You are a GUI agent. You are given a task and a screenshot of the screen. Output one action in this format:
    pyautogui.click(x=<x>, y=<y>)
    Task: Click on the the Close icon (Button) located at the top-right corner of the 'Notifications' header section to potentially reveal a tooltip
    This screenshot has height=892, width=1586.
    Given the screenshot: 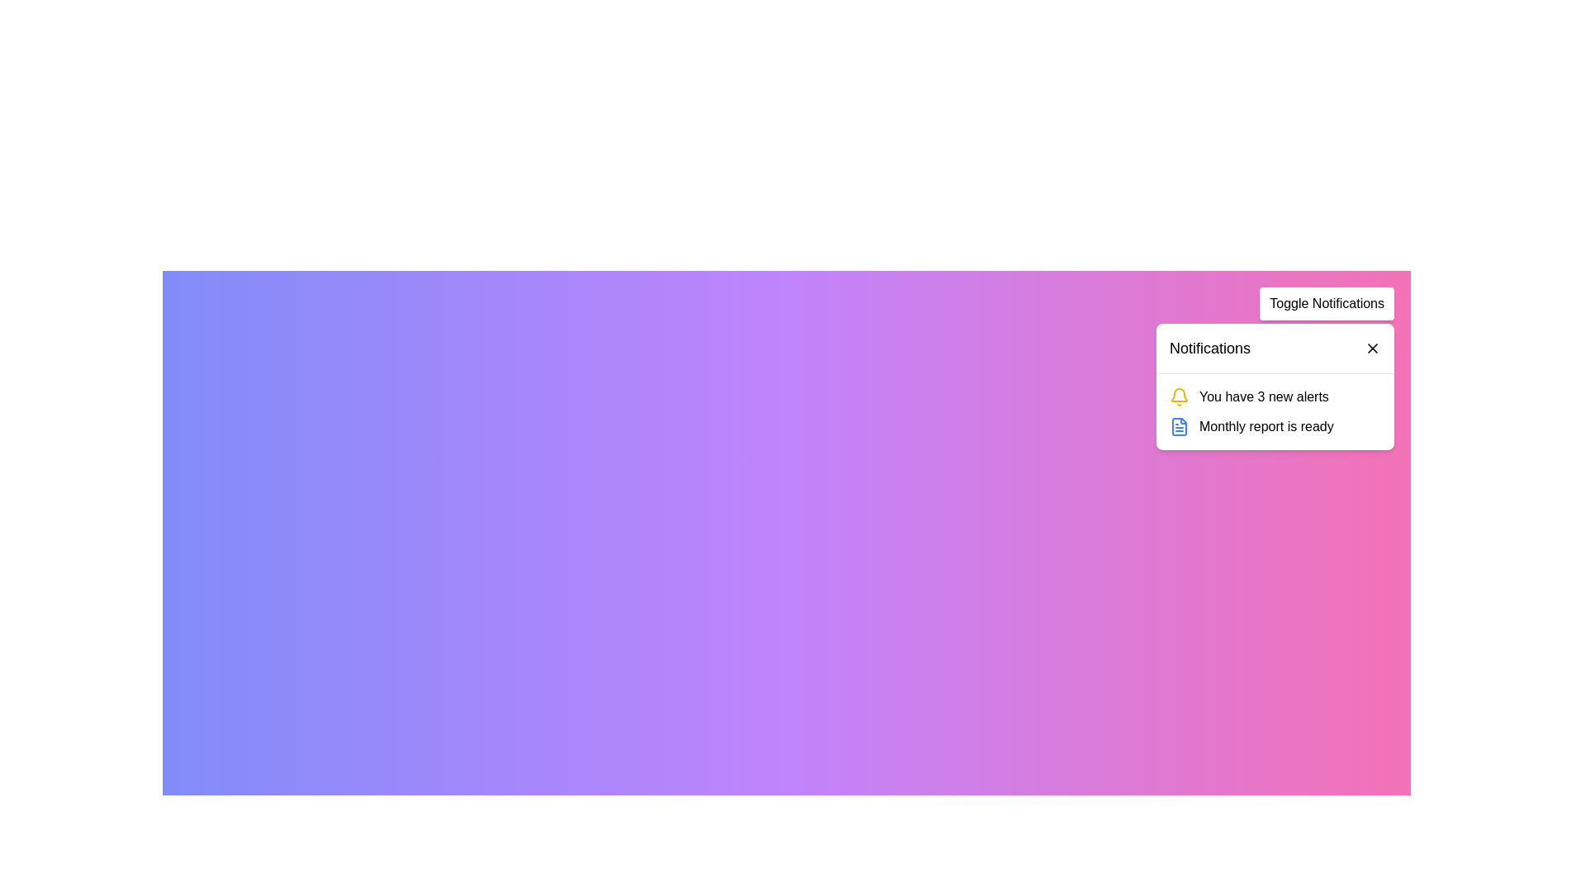 What is the action you would take?
    pyautogui.click(x=1372, y=347)
    